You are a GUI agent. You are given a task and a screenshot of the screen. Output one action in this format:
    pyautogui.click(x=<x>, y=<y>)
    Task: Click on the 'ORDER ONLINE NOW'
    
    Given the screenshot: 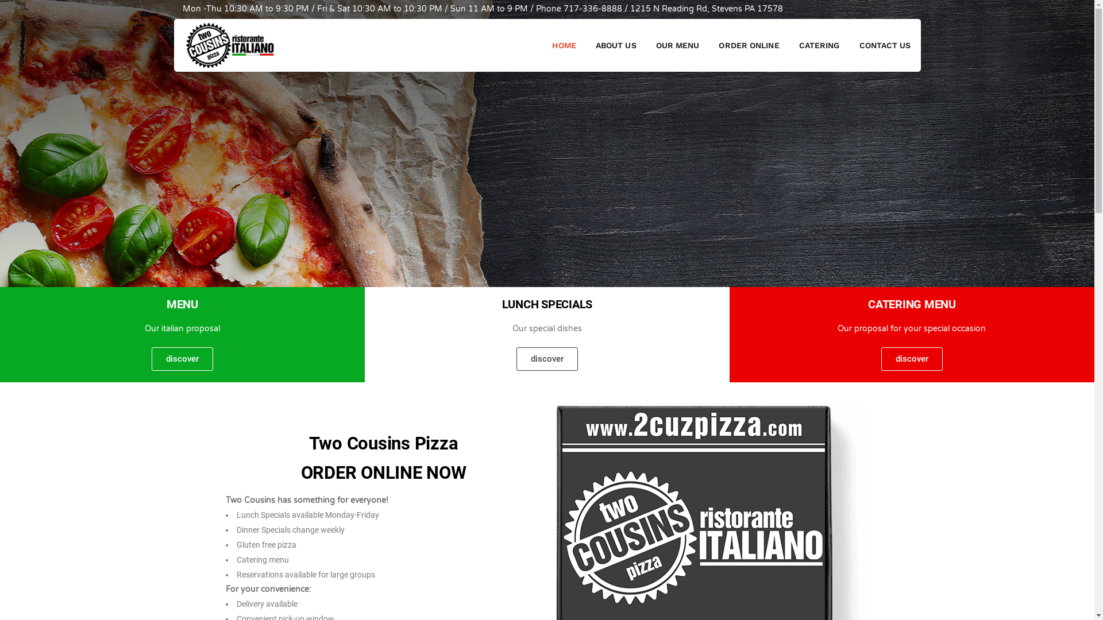 What is the action you would take?
    pyautogui.click(x=383, y=472)
    